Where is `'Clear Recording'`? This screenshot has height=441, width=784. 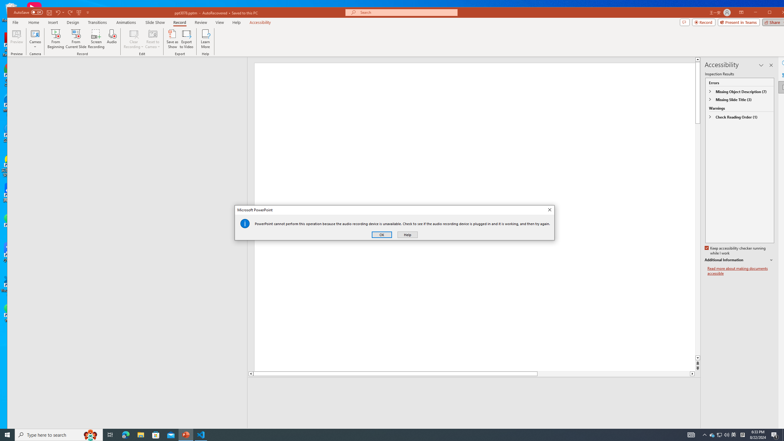
'Clear Recording' is located at coordinates (134, 39).